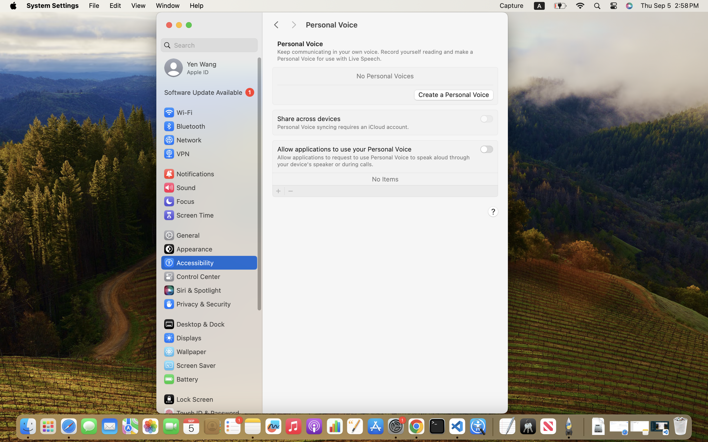  Describe the element at coordinates (192, 277) in the screenshot. I see `'Control Center'` at that location.